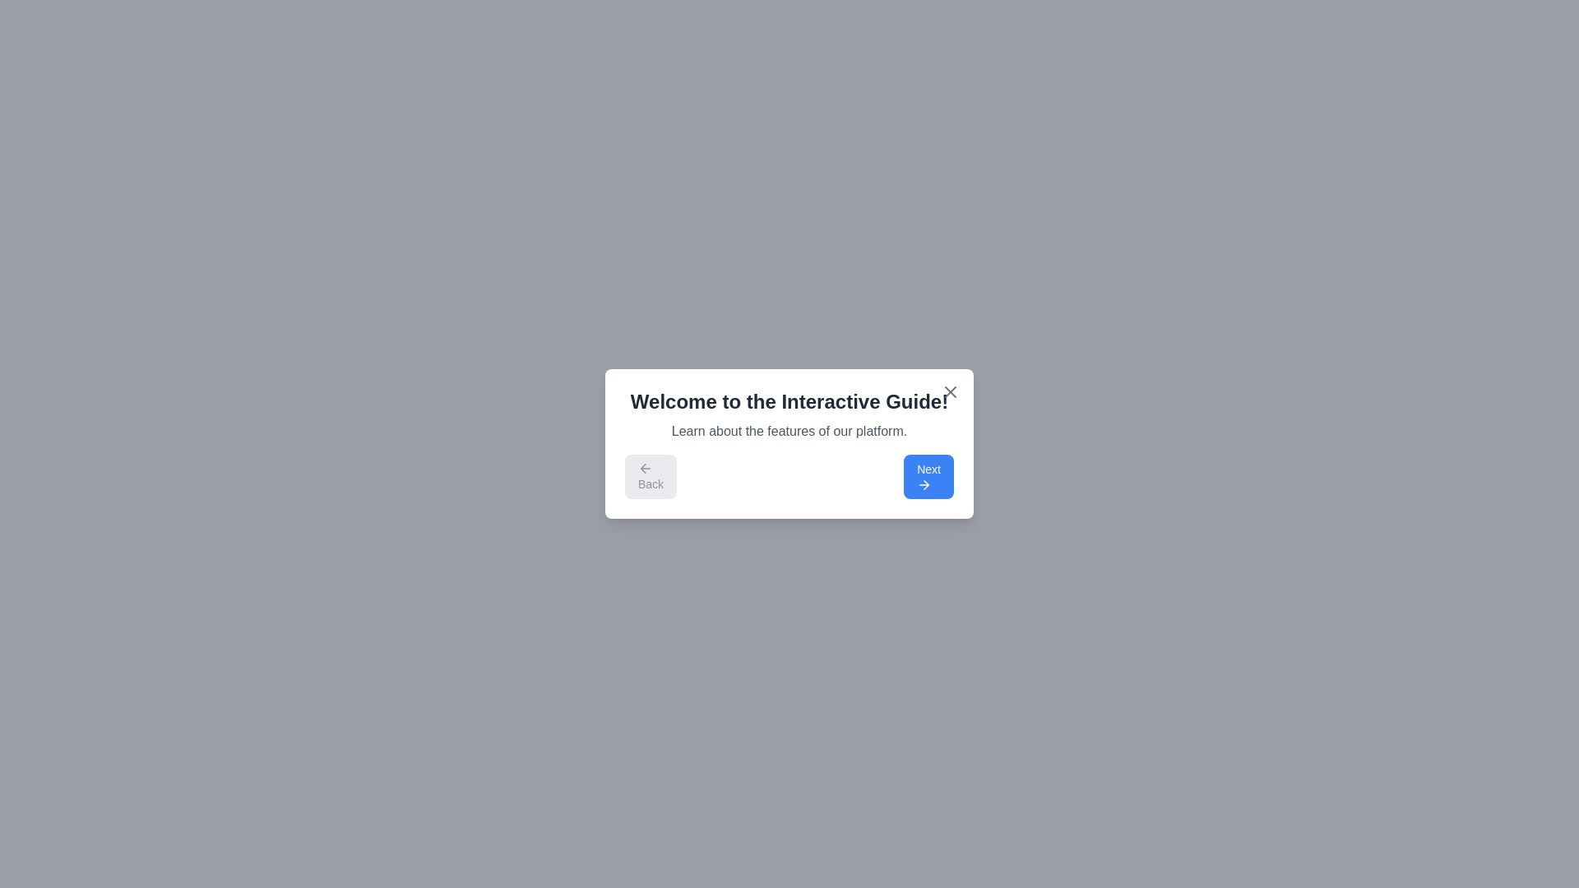 This screenshot has width=1579, height=888. What do you see at coordinates (789, 430) in the screenshot?
I see `the text label that reads 'Learn about the features of our platform.' which is styled in gray and positioned beneath the main title in a white panel` at bounding box center [789, 430].